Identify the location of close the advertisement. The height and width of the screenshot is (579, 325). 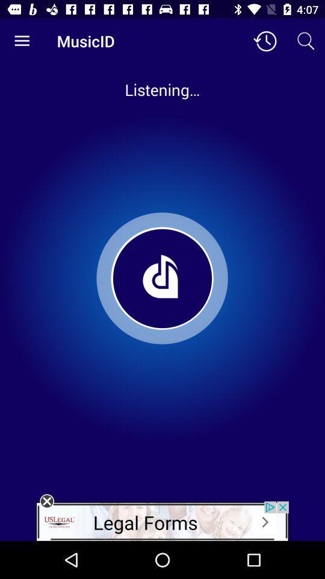
(46, 501).